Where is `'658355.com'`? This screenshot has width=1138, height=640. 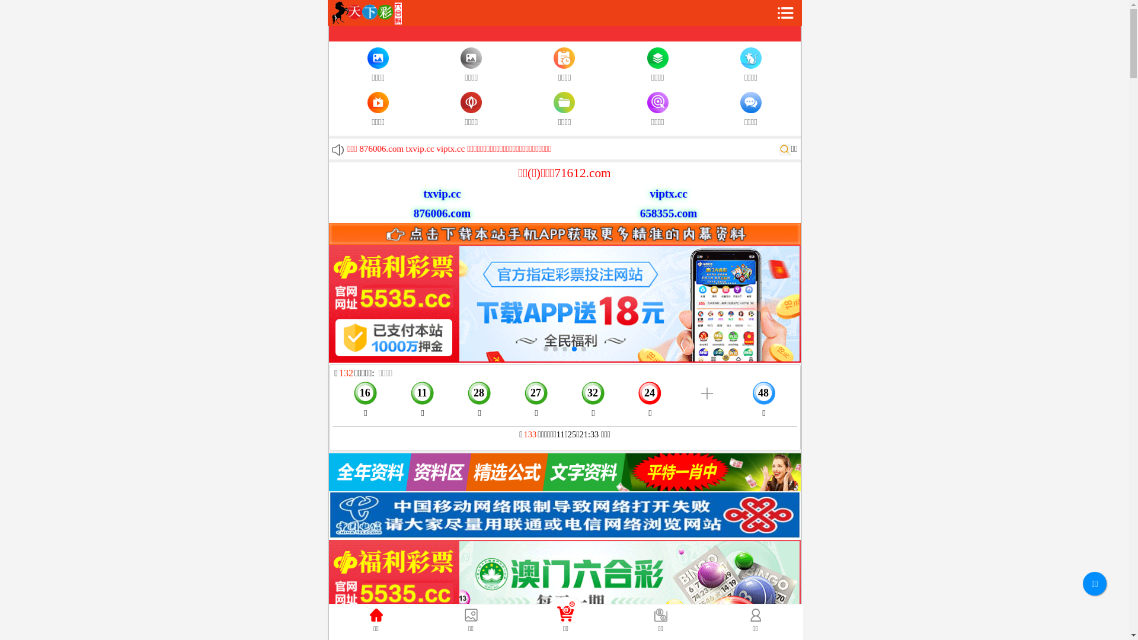
'658355.com' is located at coordinates (659, 212).